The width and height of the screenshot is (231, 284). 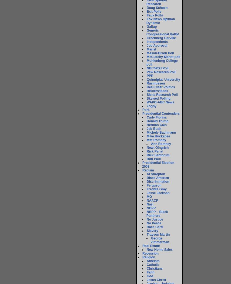 What do you see at coordinates (151, 49) in the screenshot?
I see `'Marist'` at bounding box center [151, 49].